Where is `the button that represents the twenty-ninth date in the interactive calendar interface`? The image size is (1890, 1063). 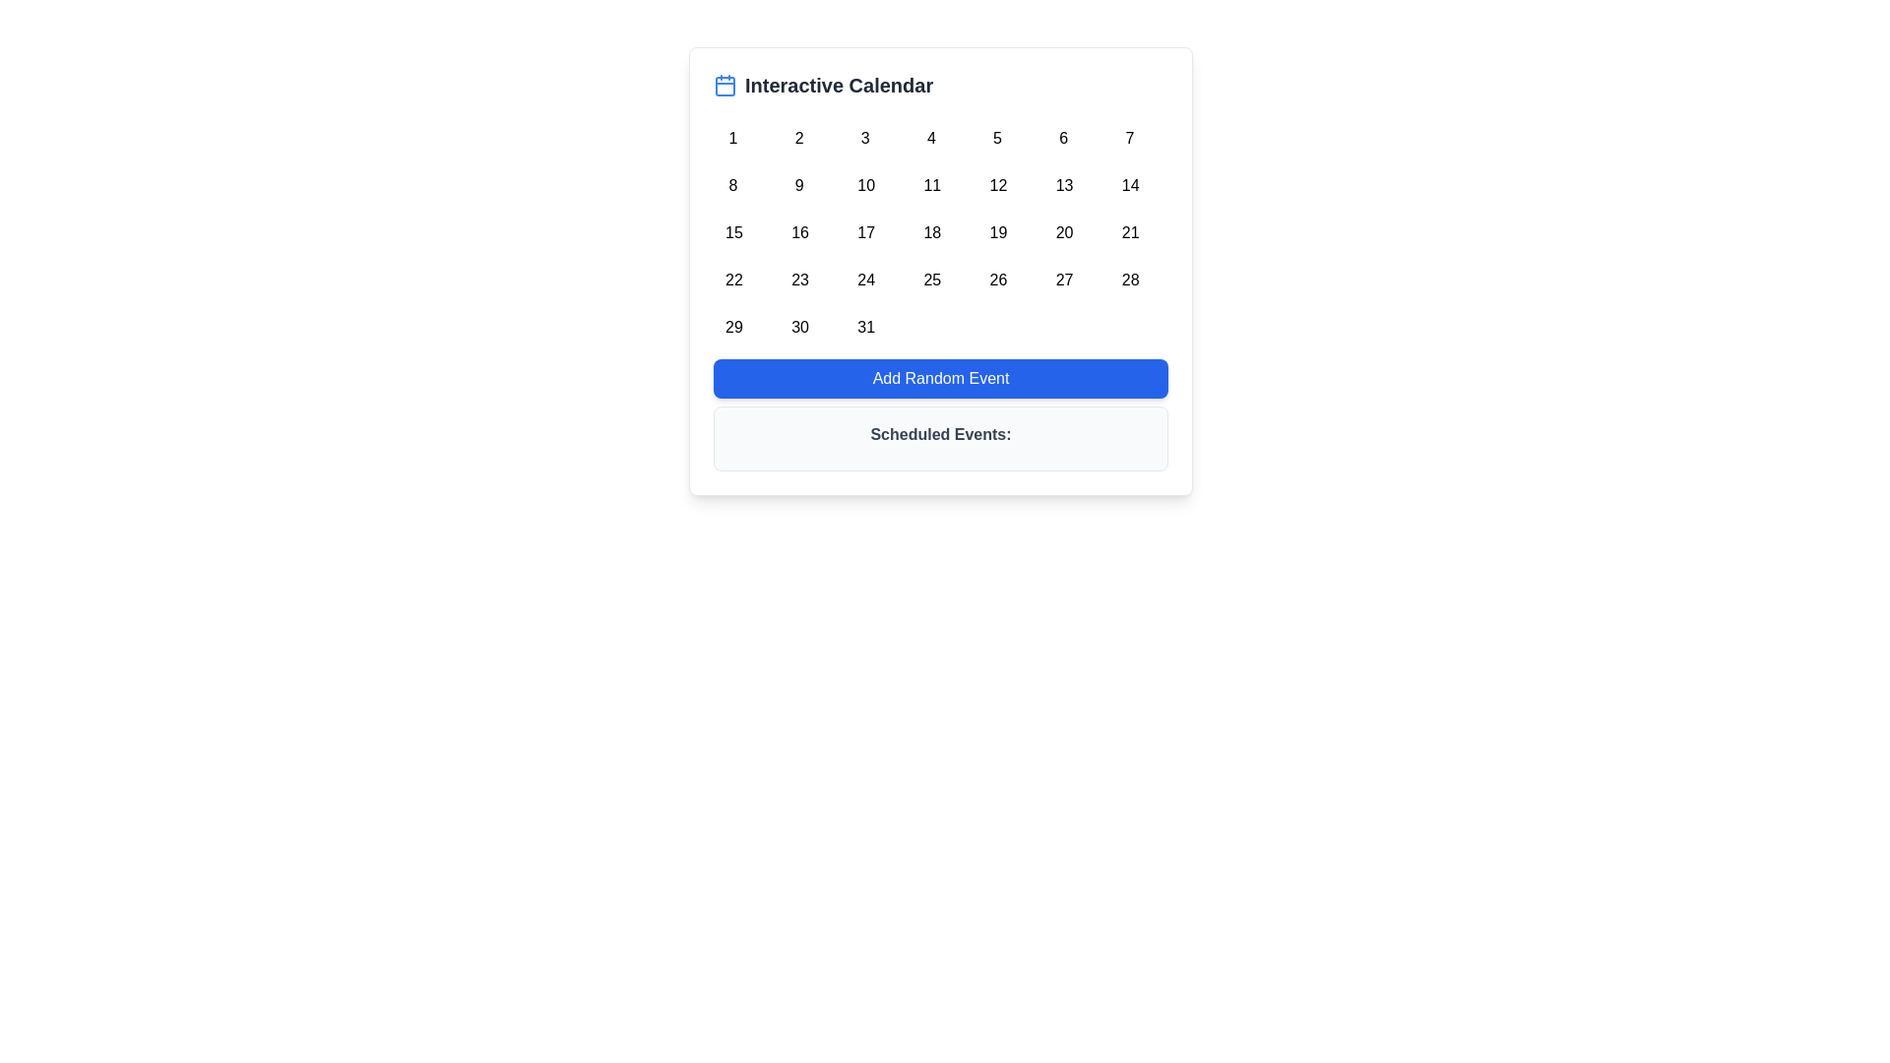 the button that represents the twenty-ninth date in the interactive calendar interface is located at coordinates (731, 322).